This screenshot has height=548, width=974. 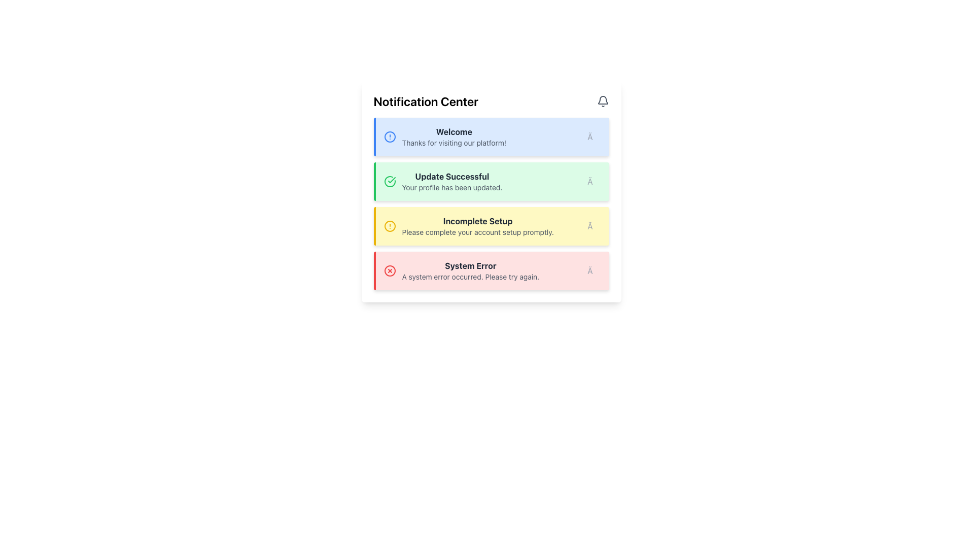 What do you see at coordinates (391, 179) in the screenshot?
I see `the green checkmark icon within the 'Update Successful' notification box, which is the second notification in the 'Notification Center'` at bounding box center [391, 179].